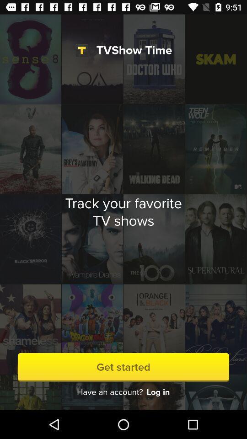 The image size is (247, 439). I want to click on the get started, so click(123, 367).